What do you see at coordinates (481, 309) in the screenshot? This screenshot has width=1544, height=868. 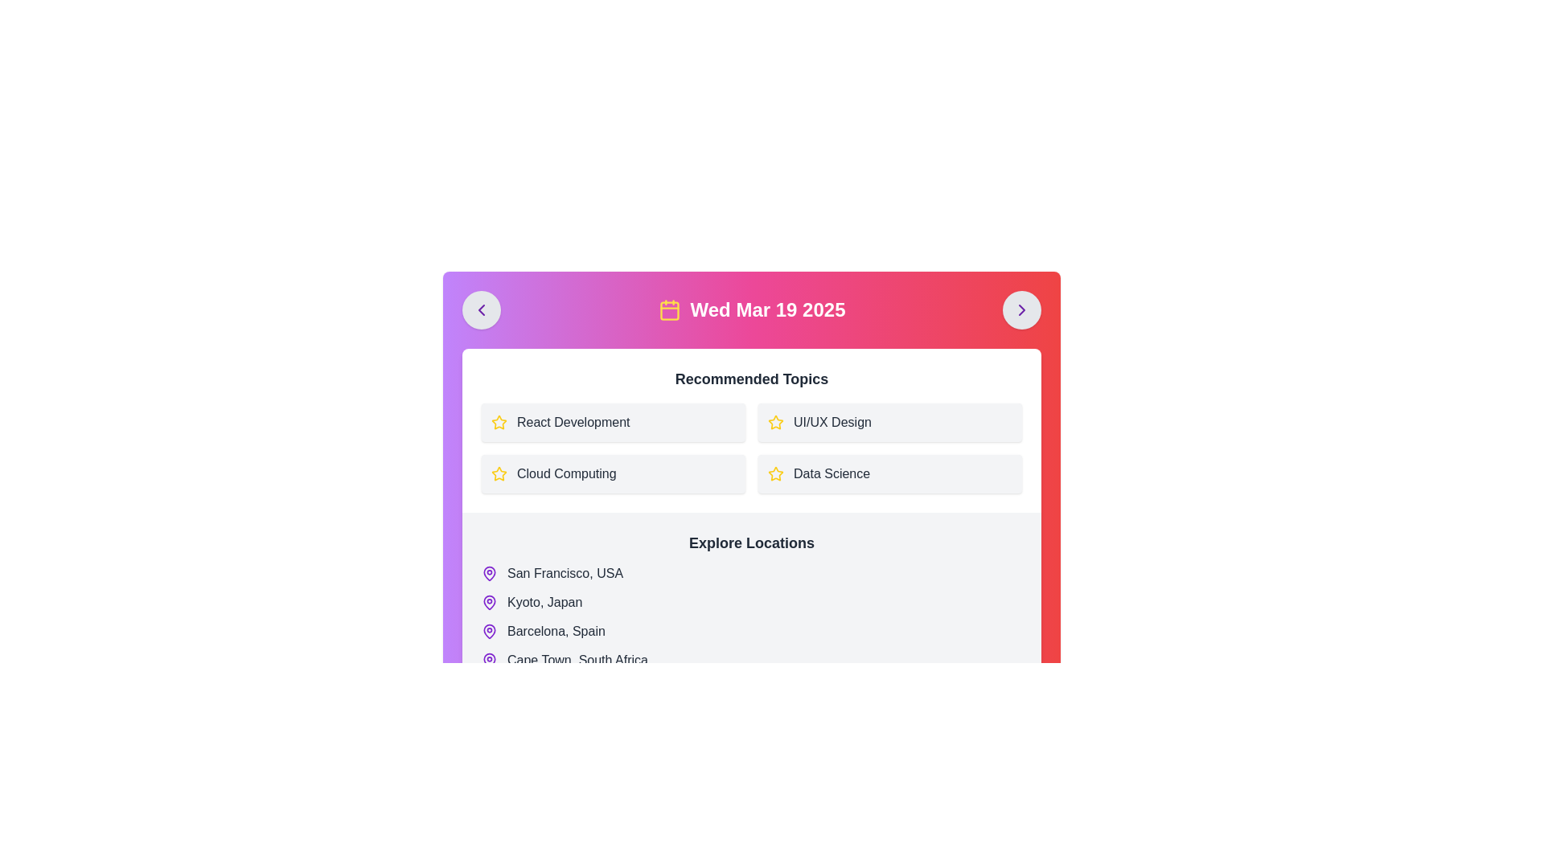 I see `the circular button with a gray background and a purple left-arrow icon to trigger the hover effect` at bounding box center [481, 309].